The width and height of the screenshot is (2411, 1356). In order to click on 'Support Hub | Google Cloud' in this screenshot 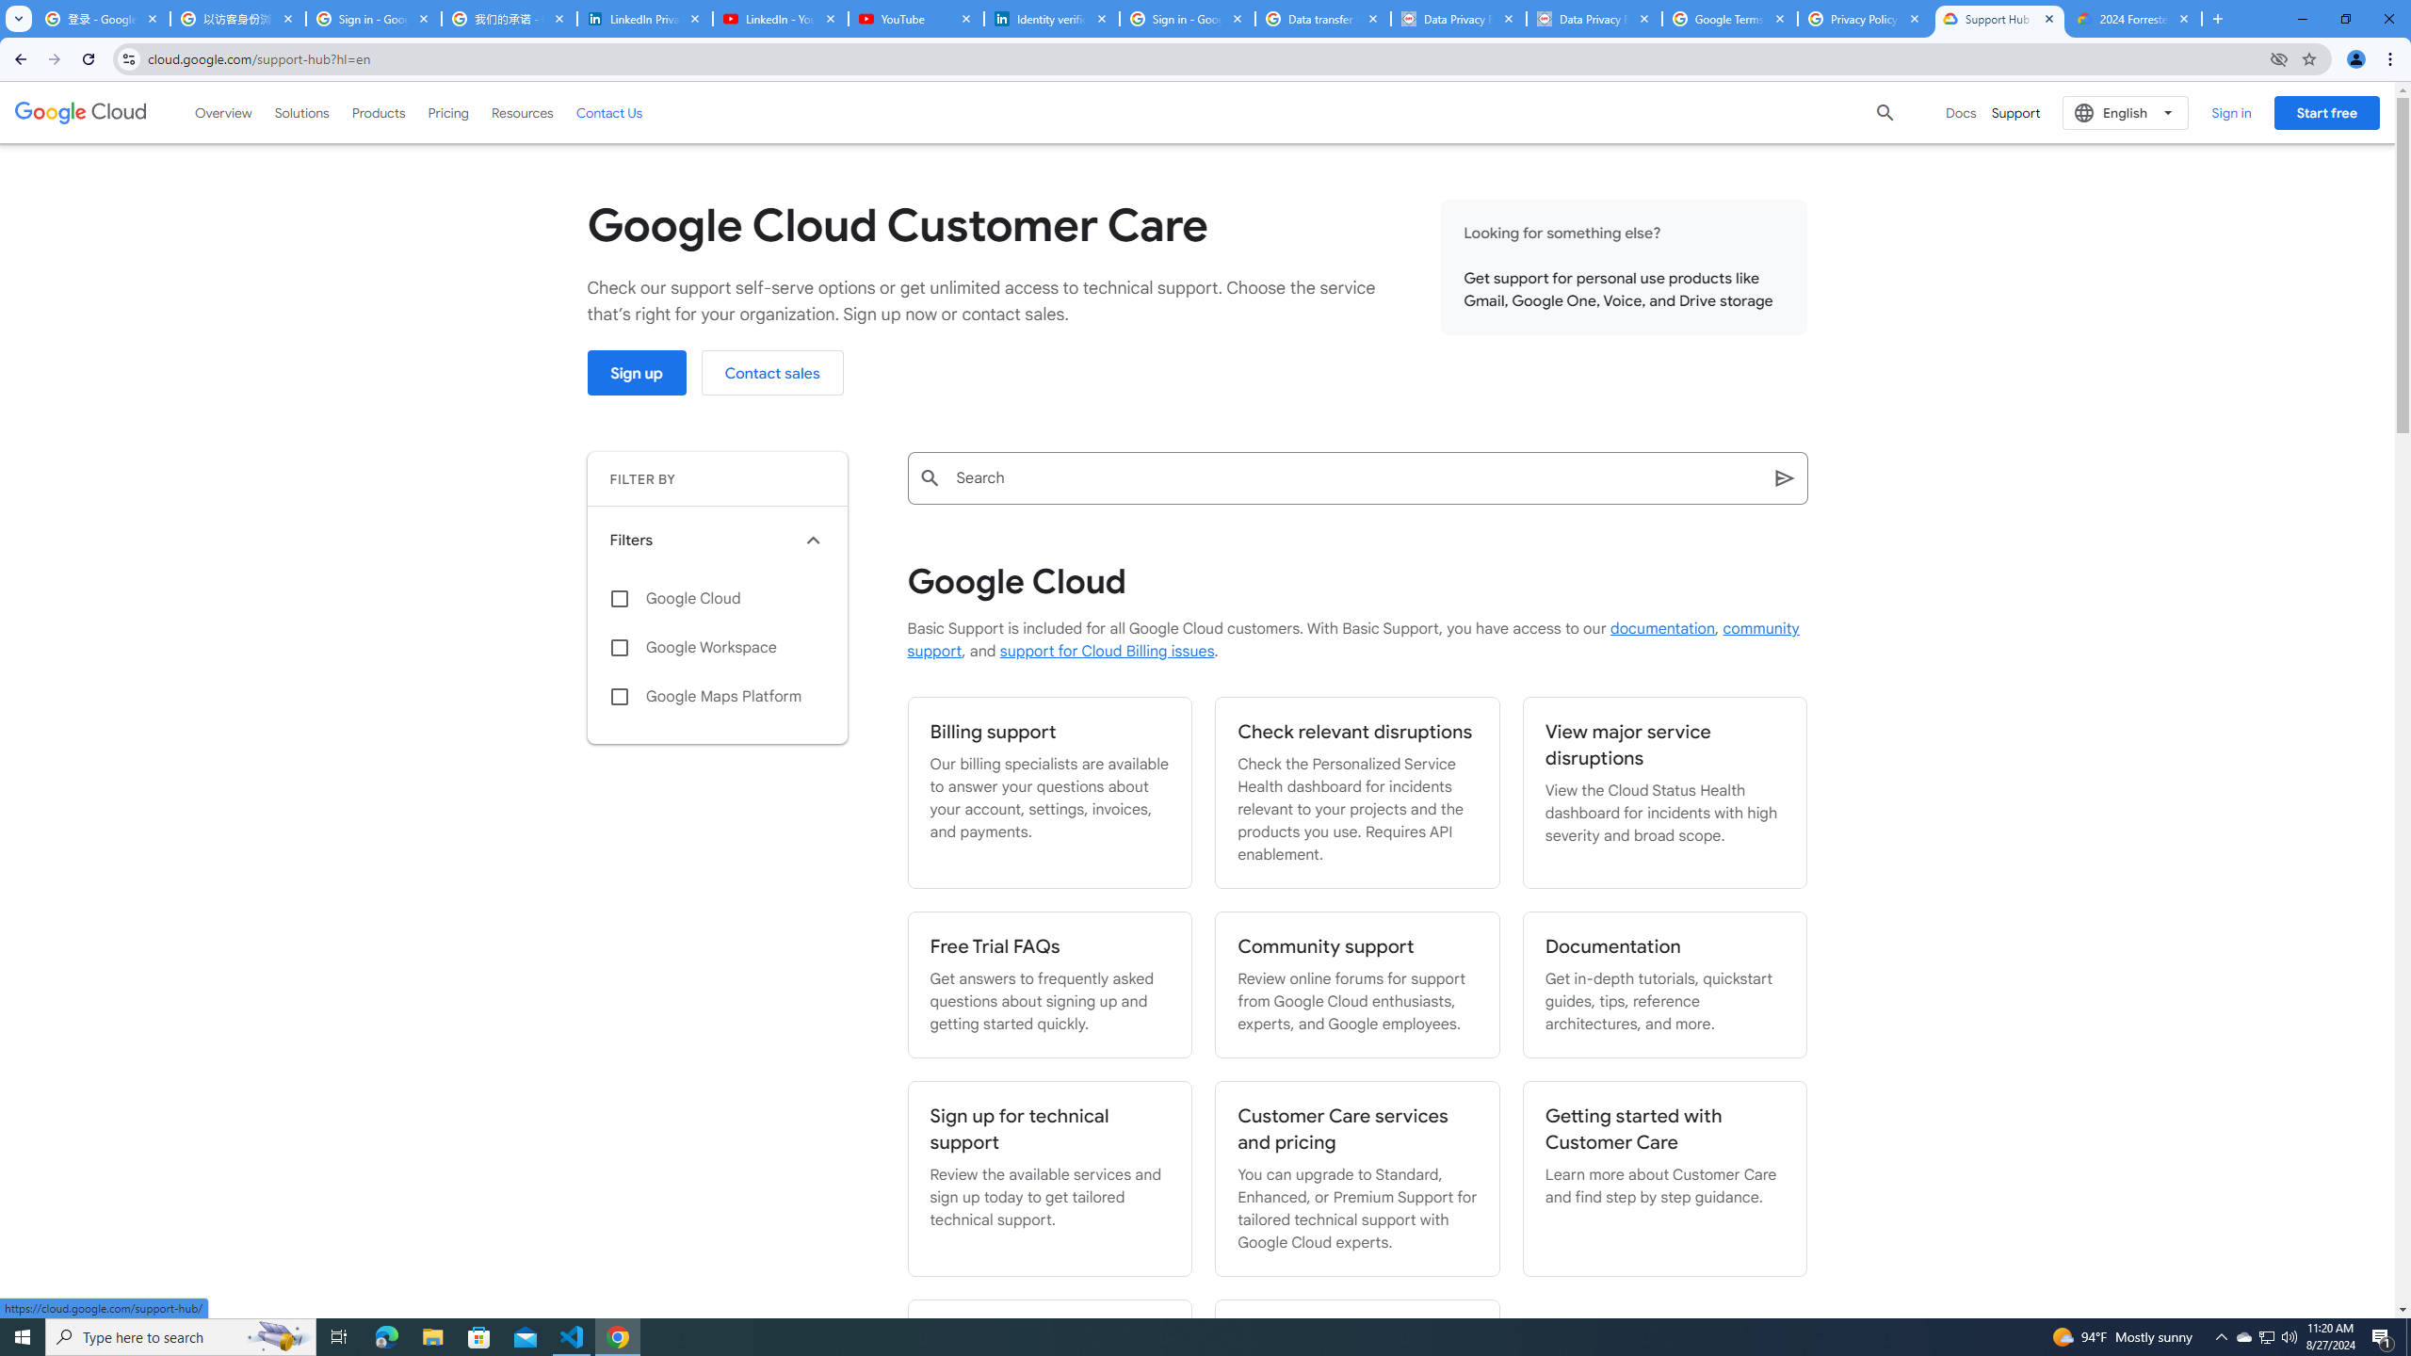, I will do `click(1999, 18)`.